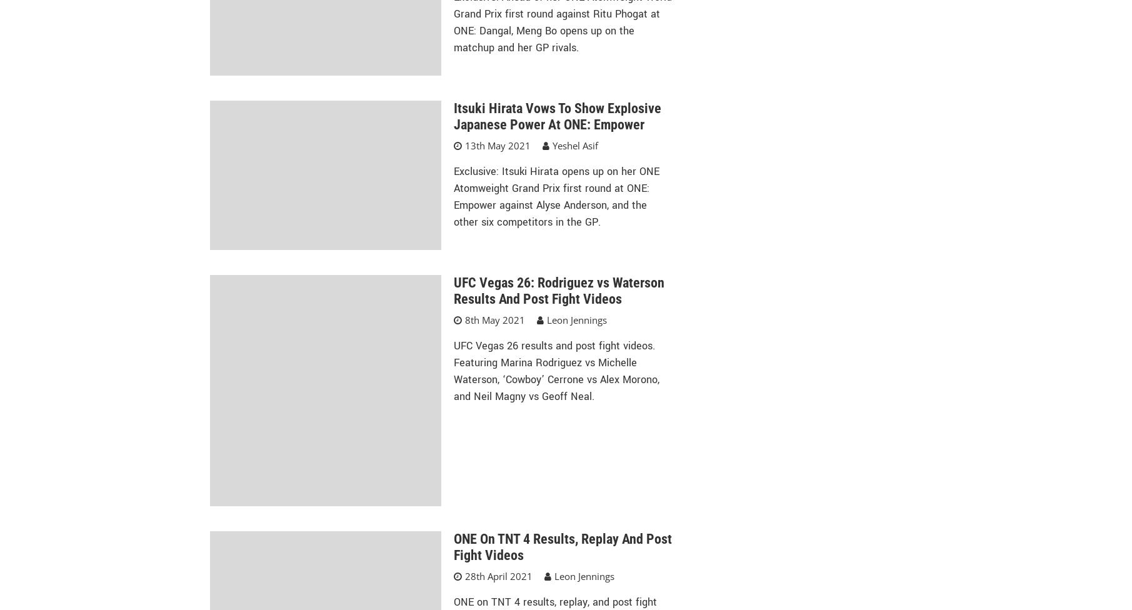 Image resolution: width=1132 pixels, height=610 pixels. Describe the element at coordinates (556, 196) in the screenshot. I see `'Exclusive: Itsuki Hirata opens up on her ONE Atomweight Grand Prix first round at ONE: Empower against Alyse Anderson, and the other six competitors in the GP.'` at that location.